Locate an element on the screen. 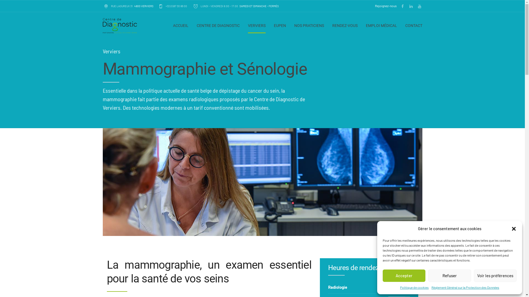 This screenshot has height=297, width=529. 'Refuser' is located at coordinates (449, 276).